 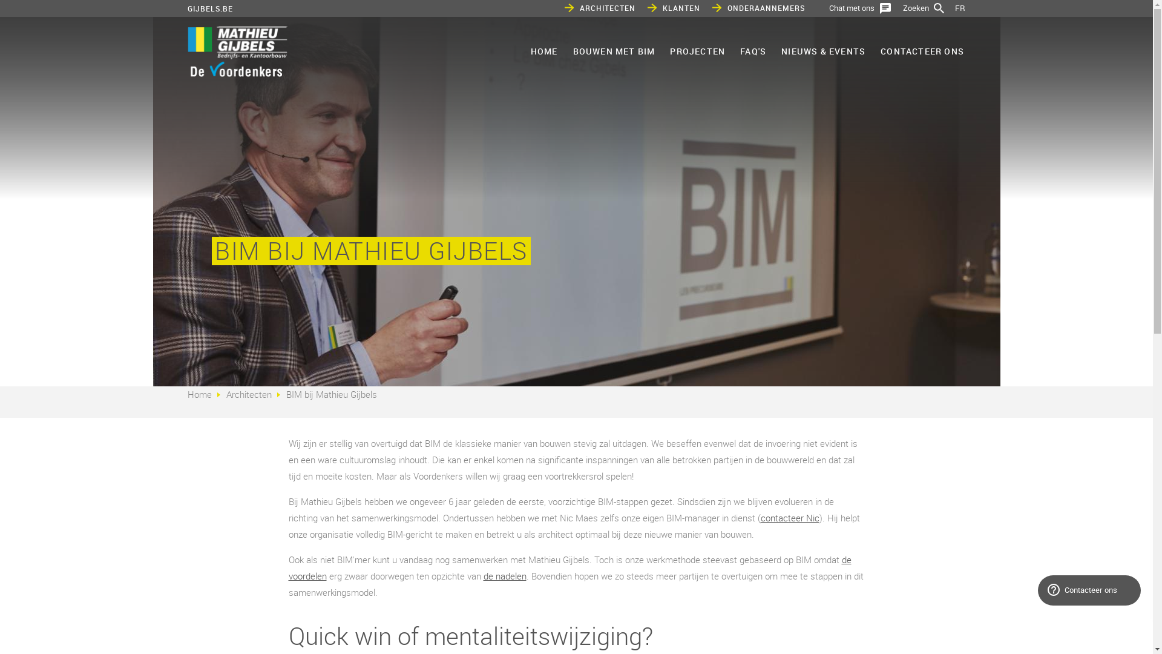 What do you see at coordinates (613, 50) in the screenshot?
I see `'BOUWEN MET BIM'` at bounding box center [613, 50].